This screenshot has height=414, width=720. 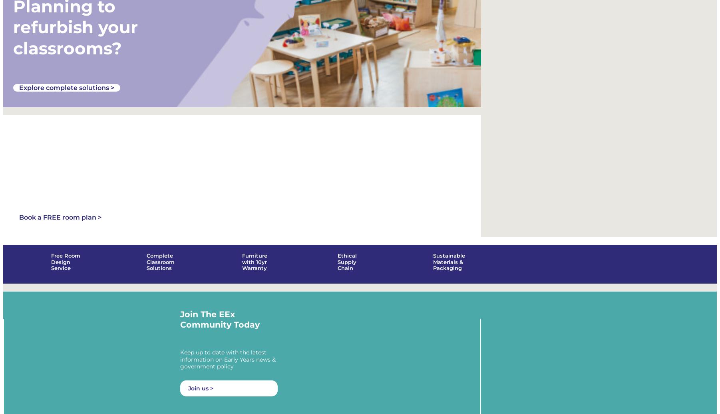 What do you see at coordinates (75, 27) in the screenshot?
I see `'refurbish your'` at bounding box center [75, 27].